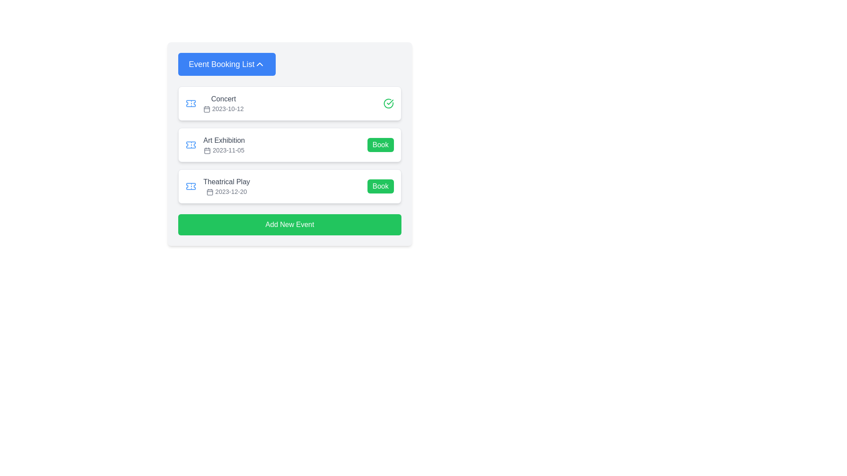 Image resolution: width=847 pixels, height=476 pixels. What do you see at coordinates (223, 108) in the screenshot?
I see `date information from the Text Label located below the 'Concert' text and next to the calendar icon in the topmost card of the vertical list` at bounding box center [223, 108].